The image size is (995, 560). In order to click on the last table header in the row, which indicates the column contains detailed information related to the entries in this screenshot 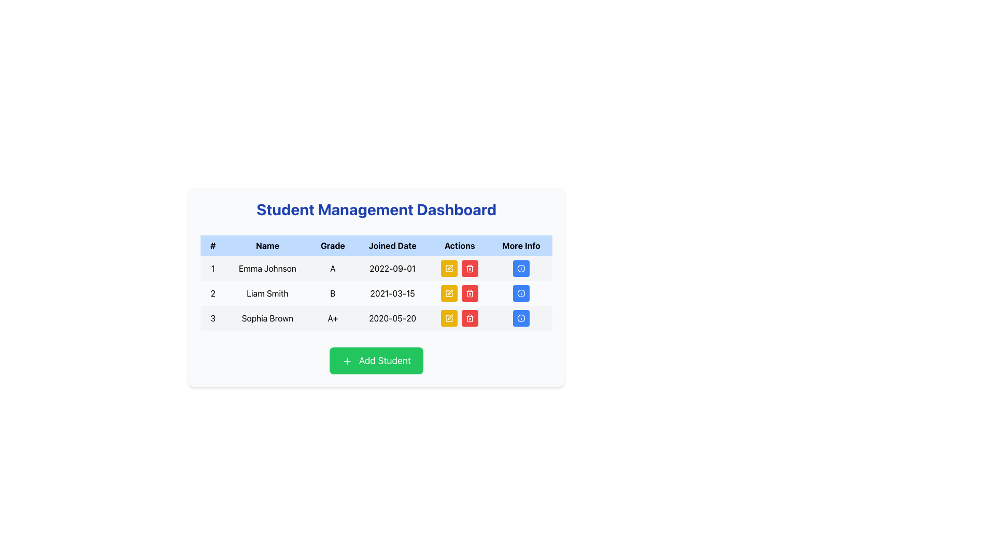, I will do `click(521, 246)`.